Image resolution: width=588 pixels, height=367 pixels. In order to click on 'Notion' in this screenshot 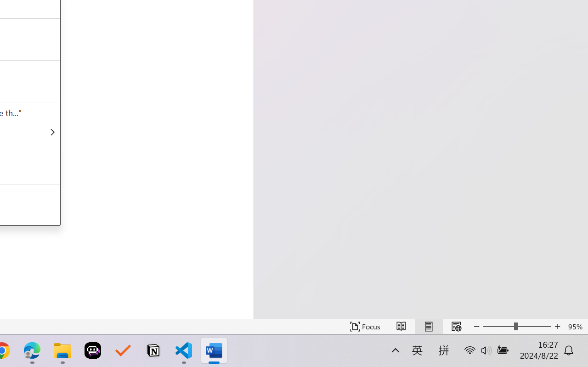, I will do `click(153, 350)`.